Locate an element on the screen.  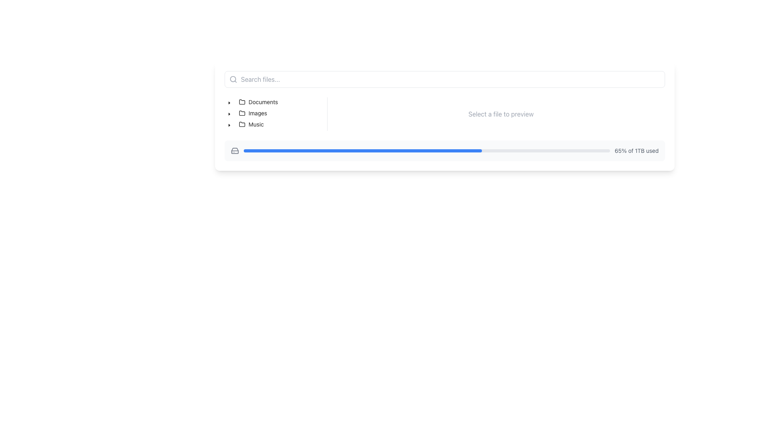
the Collapsible Toggle Button is located at coordinates (229, 113).